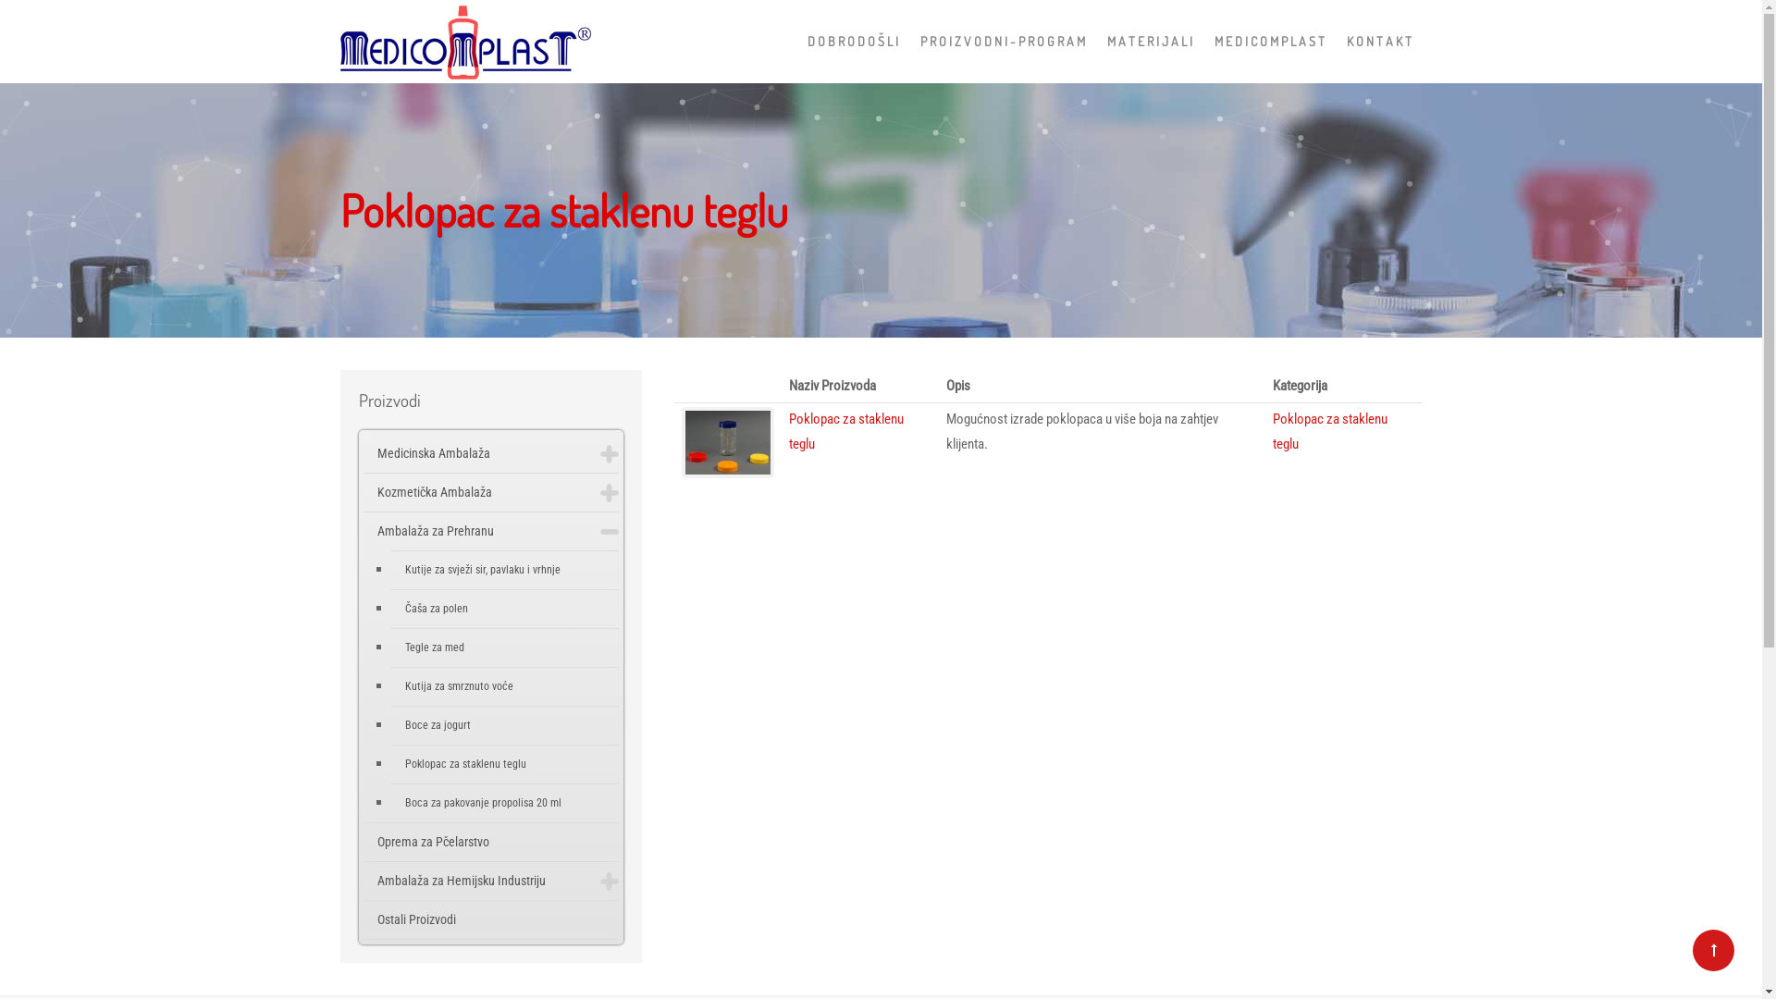 This screenshot has height=999, width=1776. Describe the element at coordinates (896, 655) in the screenshot. I see `'PDV Broj'` at that location.